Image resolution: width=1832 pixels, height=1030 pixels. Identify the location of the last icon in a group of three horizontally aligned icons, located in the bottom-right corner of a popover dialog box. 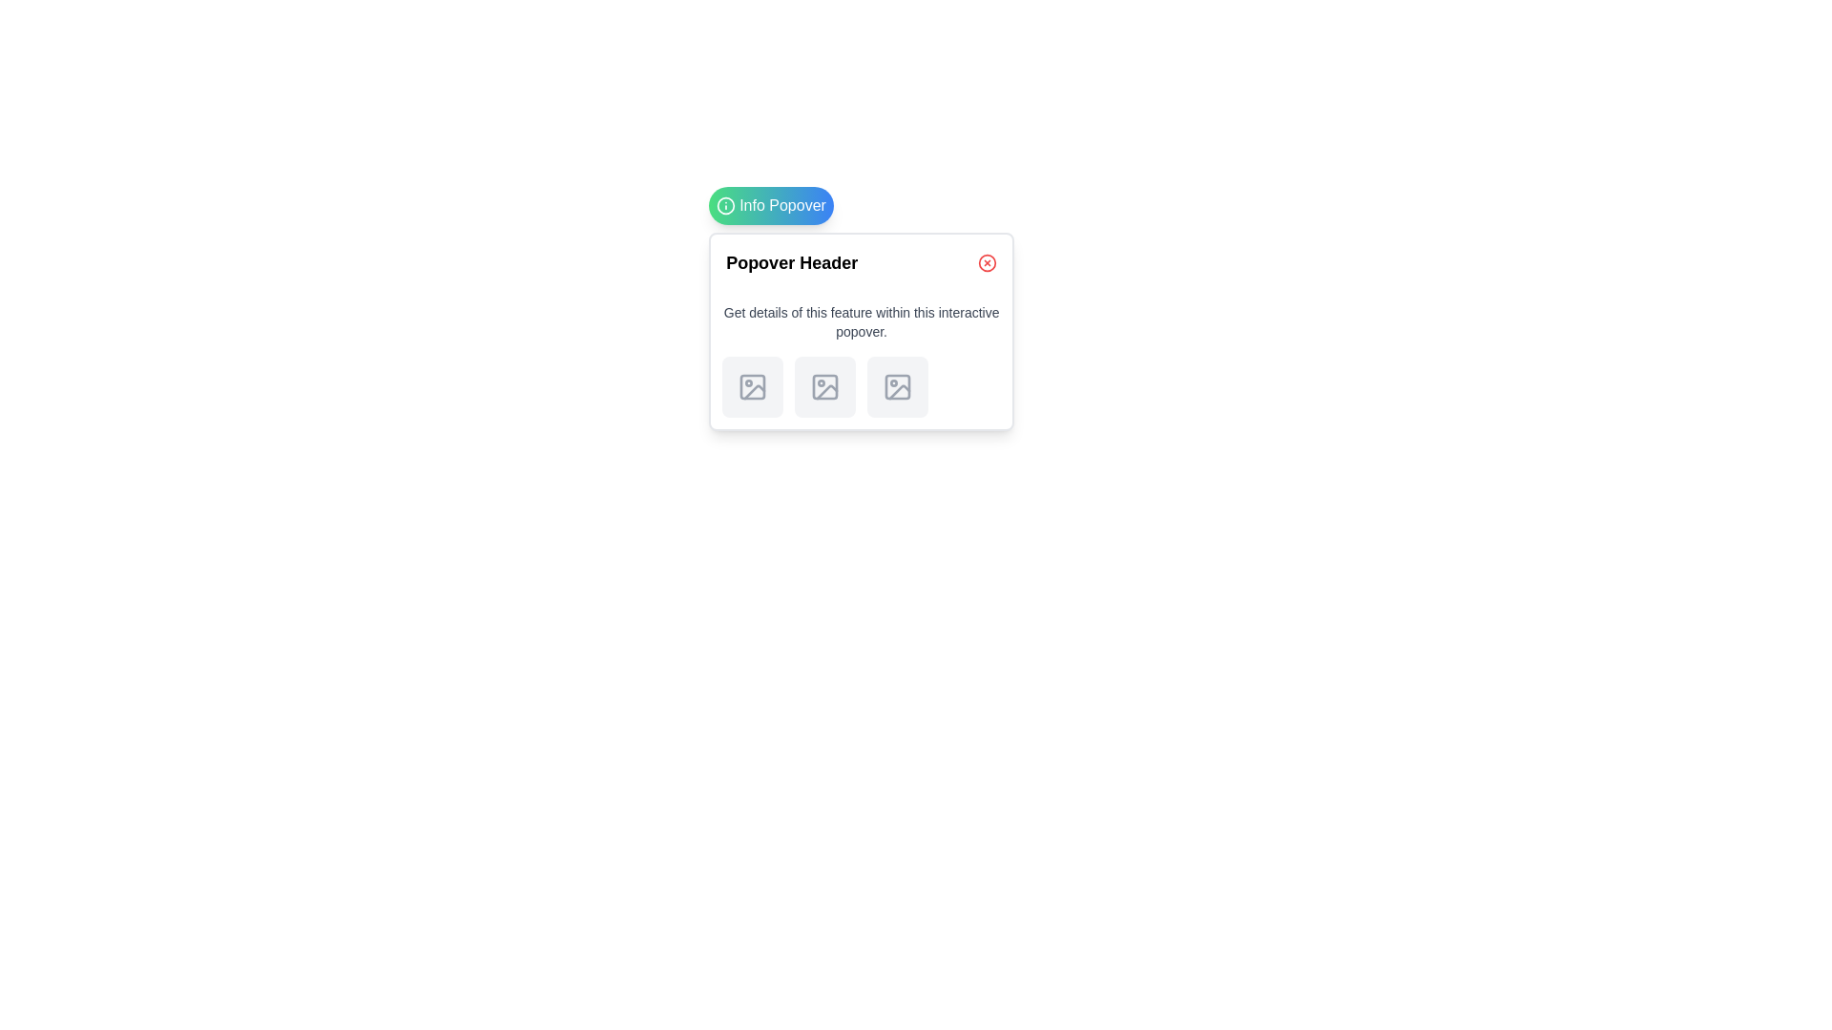
(897, 386).